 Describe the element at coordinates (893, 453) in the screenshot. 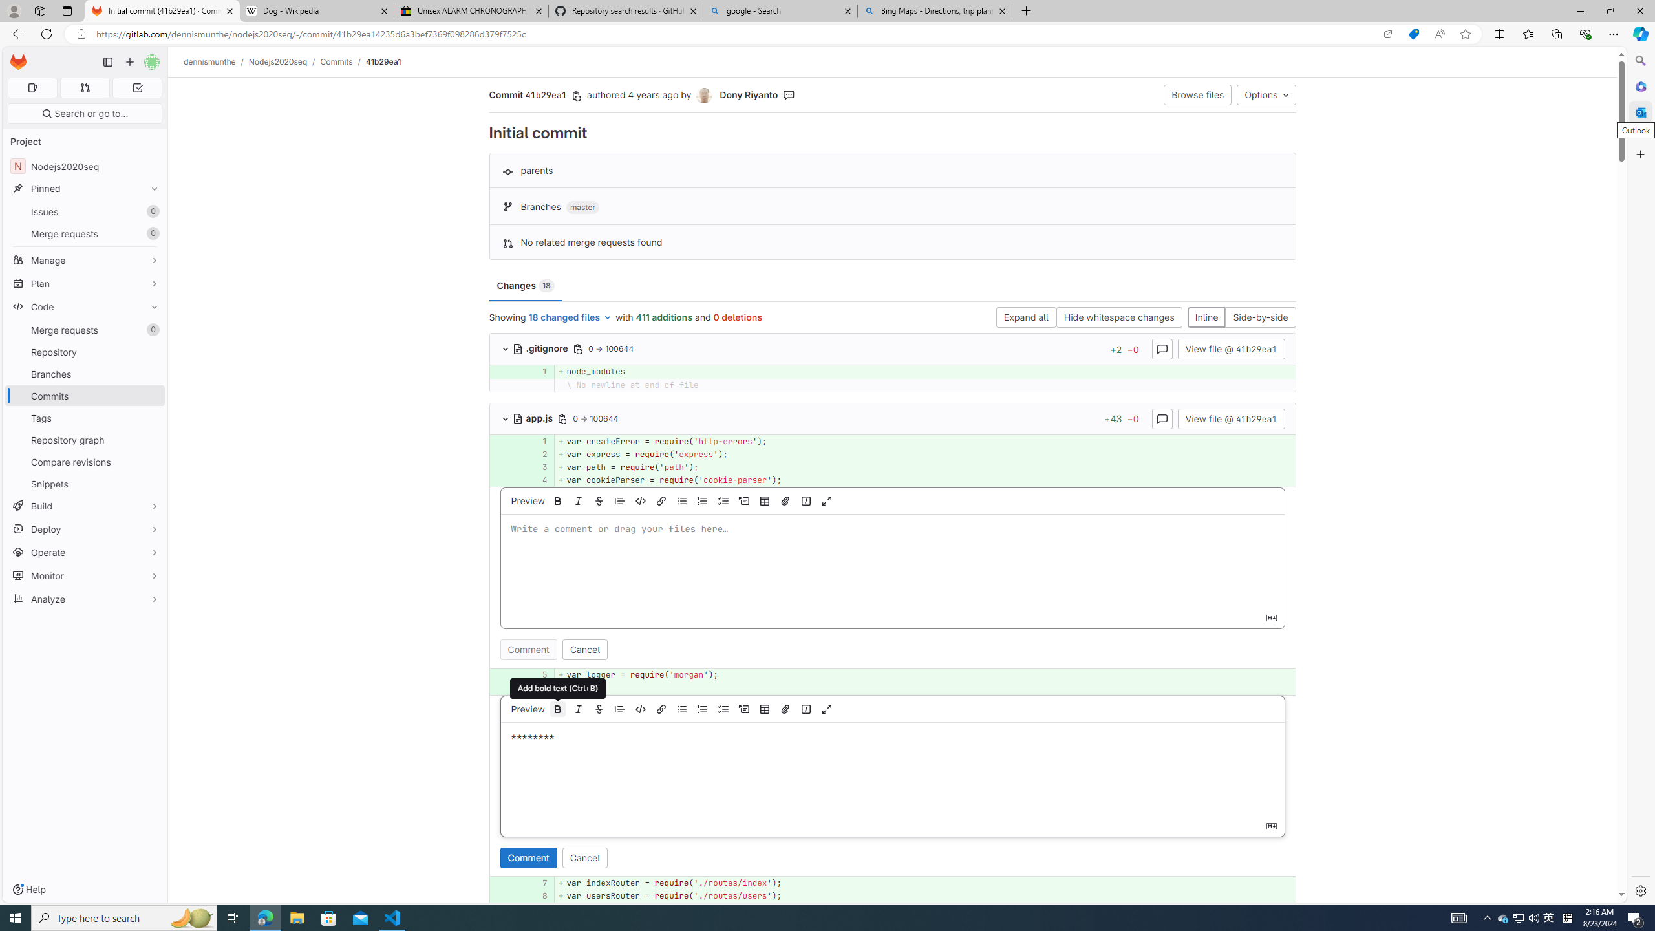

I see `'AutomationID: 4a68969ef8e858229267b842dedf42ab5dde4d50_0_2'` at that location.